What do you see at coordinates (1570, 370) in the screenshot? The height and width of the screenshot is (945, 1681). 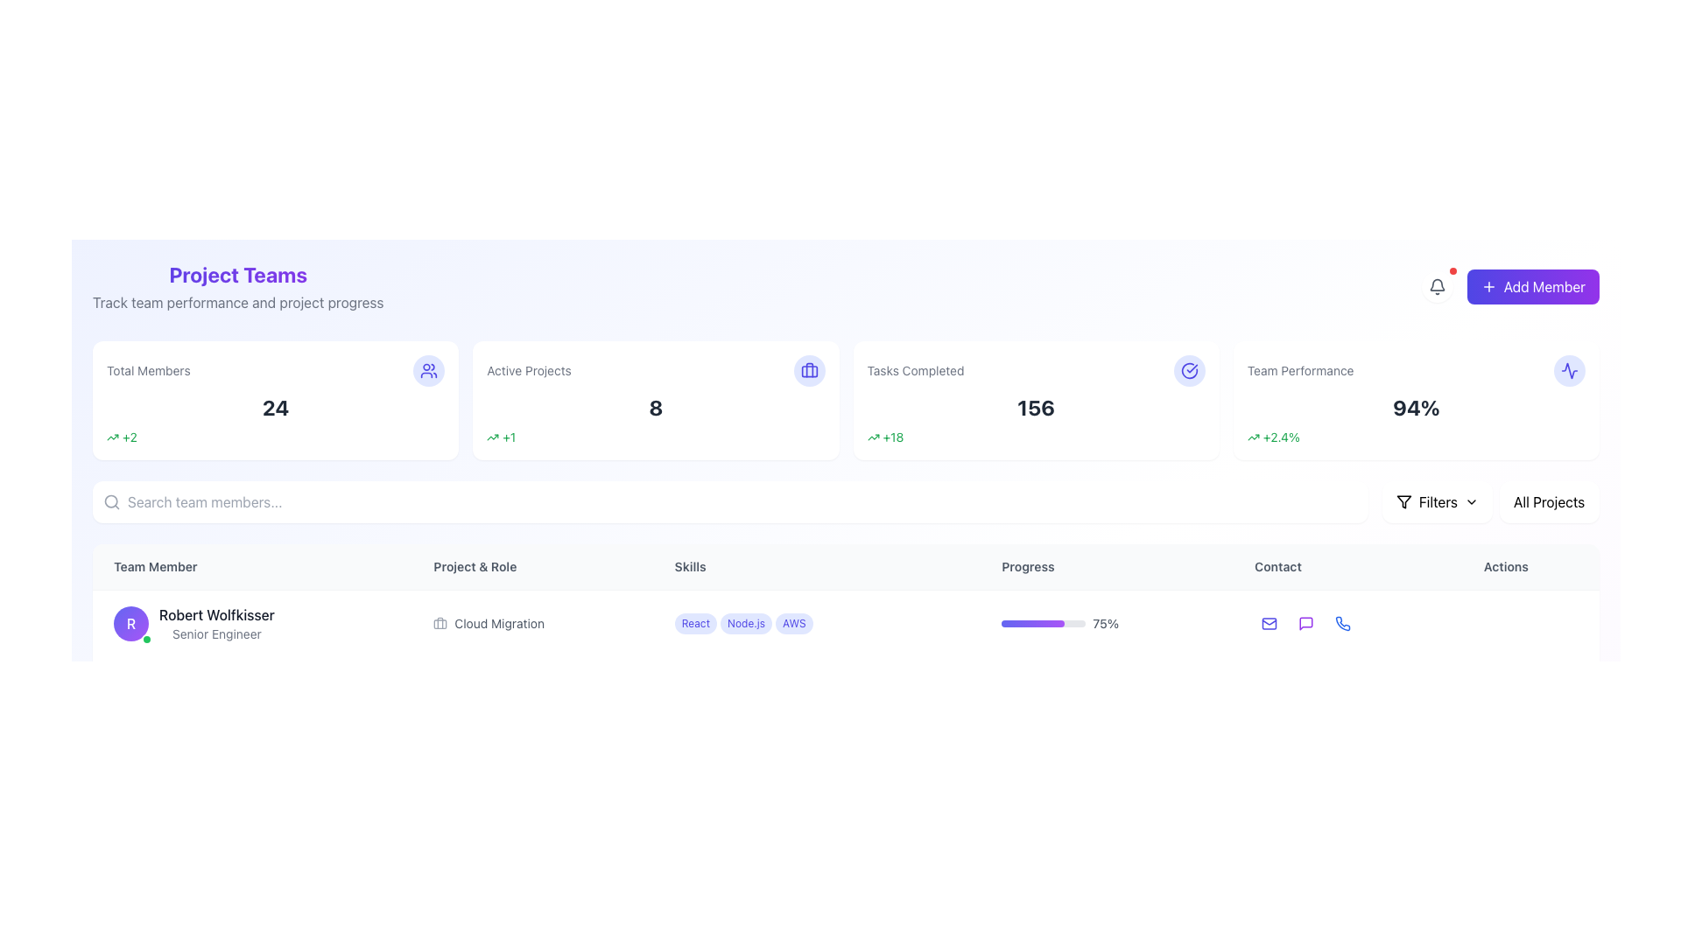 I see `the SVG icon styled with a rounded design resembling a pulse signal, located in the top-right corner of the dashboard header, to the right of the 'Team Performance' statistic and above the 'Add Member' button` at bounding box center [1570, 370].